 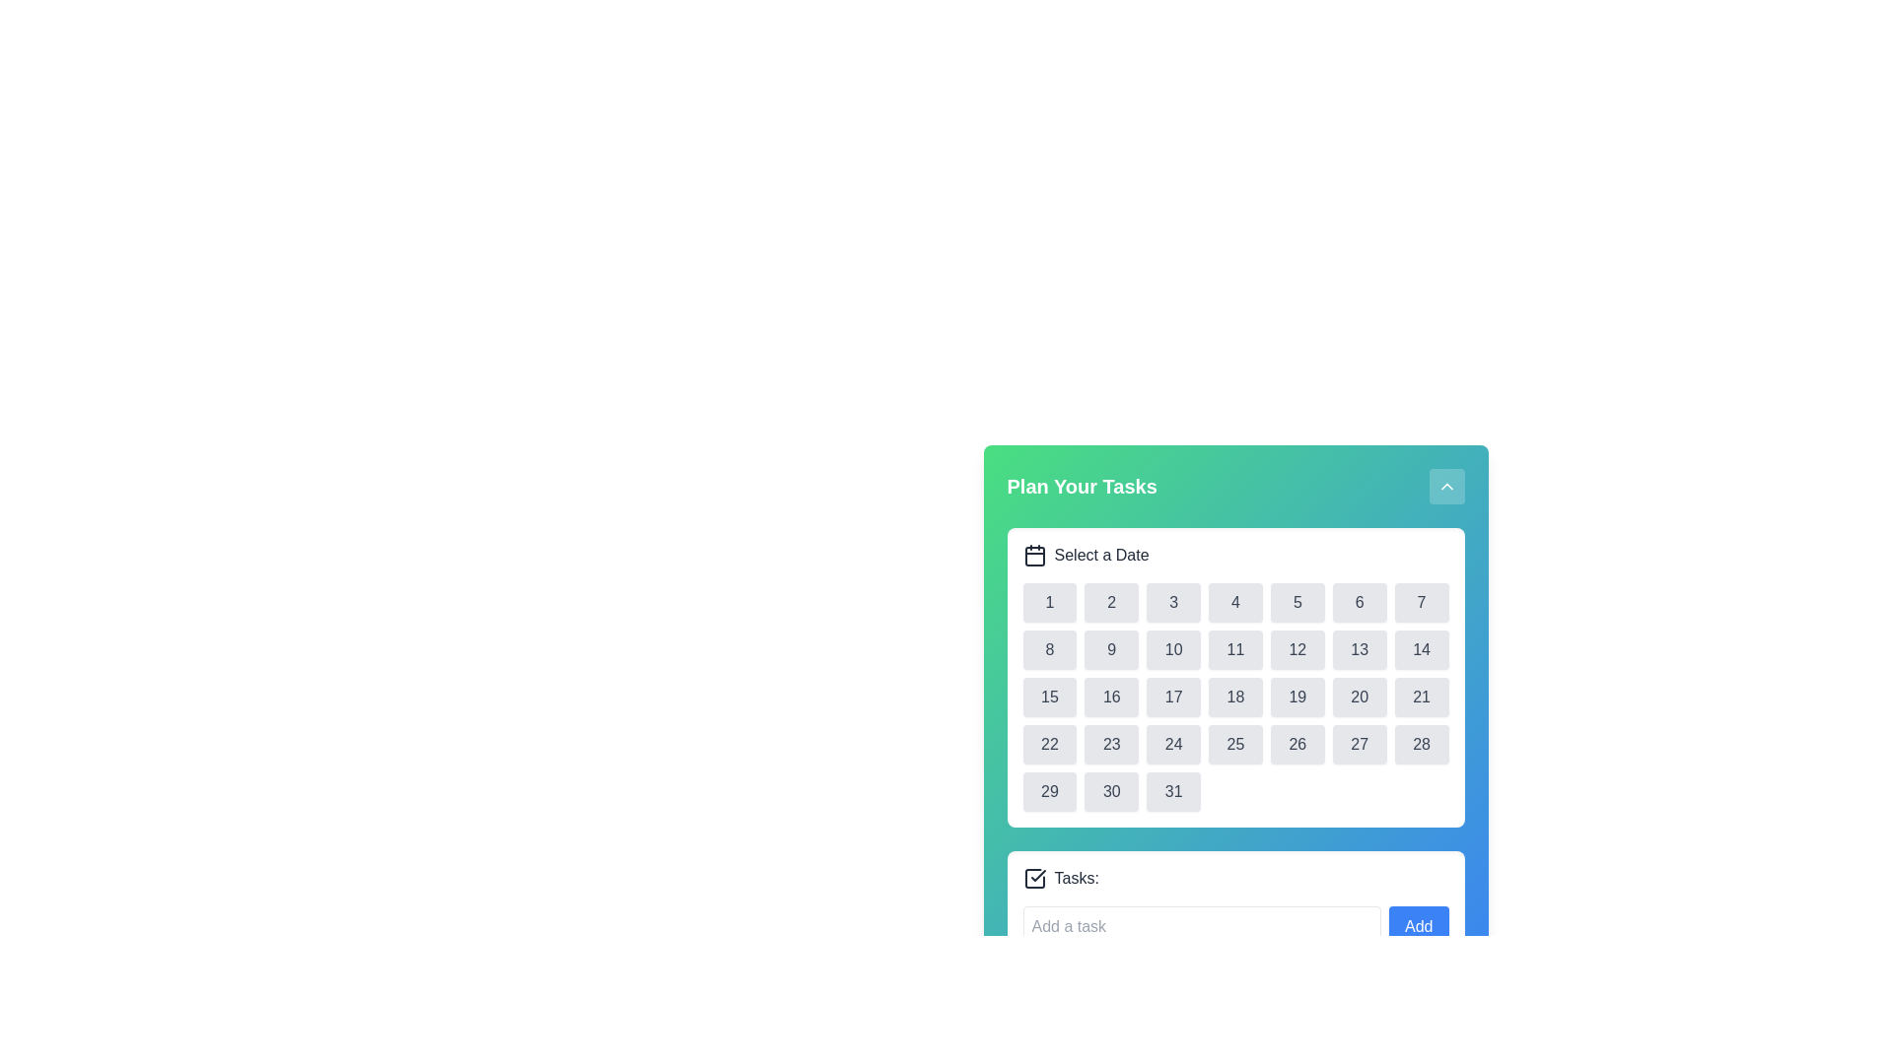 I want to click on the button labeled '14' in the 'Select a Date' section, which is located in the second row and seventh column of the date selectors grid, so click(x=1422, y=649).